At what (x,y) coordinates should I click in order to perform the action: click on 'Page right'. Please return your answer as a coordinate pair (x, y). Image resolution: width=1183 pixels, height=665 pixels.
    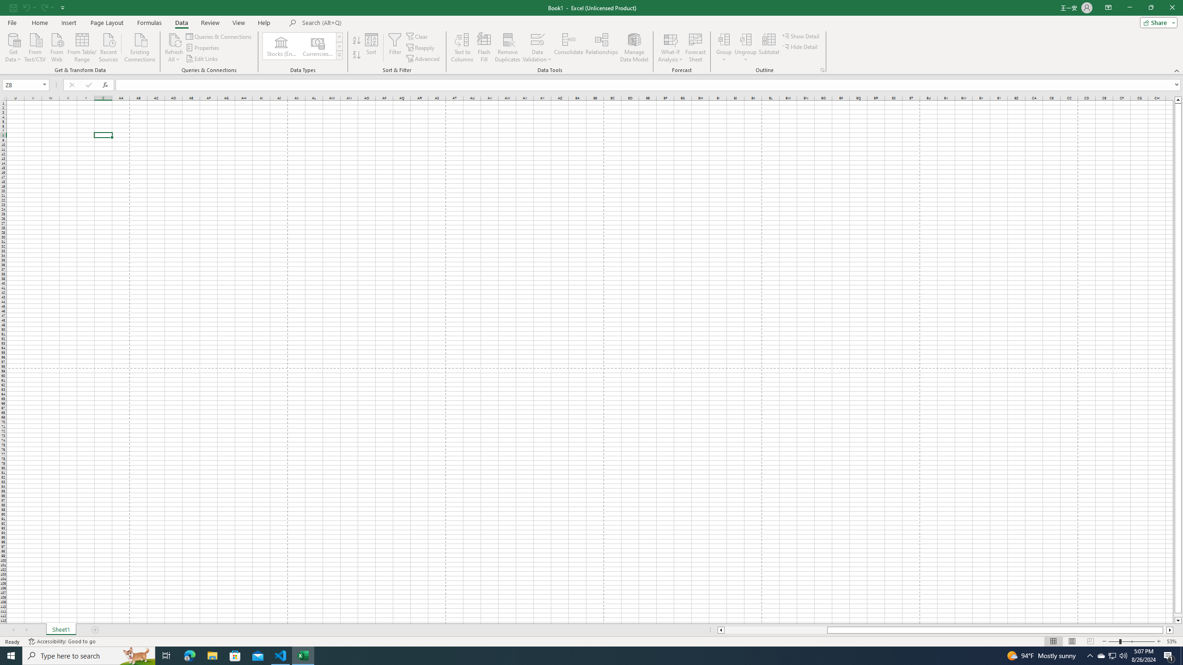
    Looking at the image, I should click on (1164, 629).